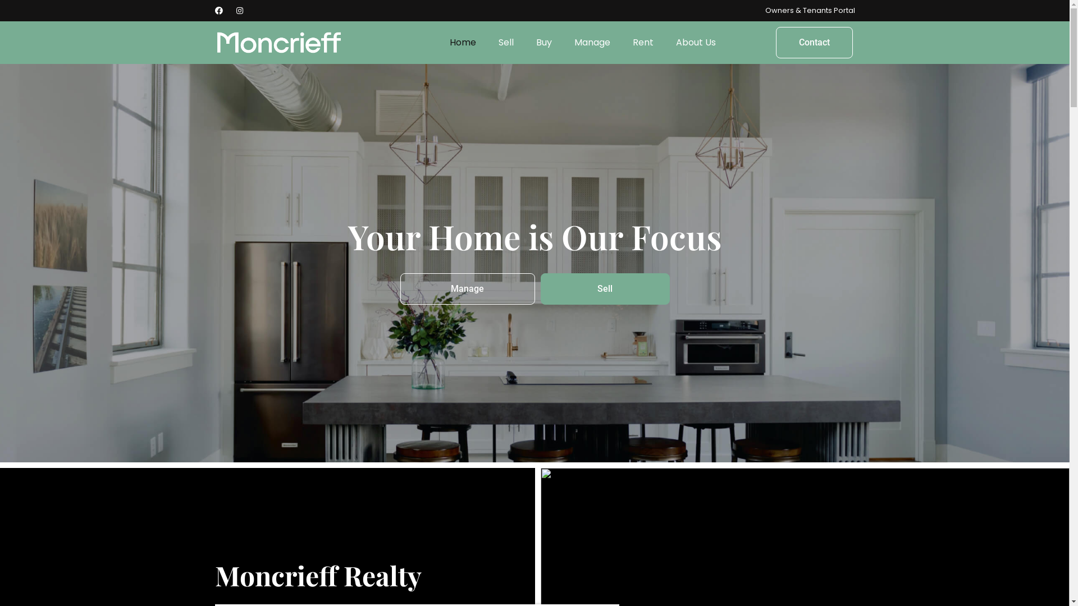 The width and height of the screenshot is (1078, 606). What do you see at coordinates (695, 42) in the screenshot?
I see `'About Us'` at bounding box center [695, 42].